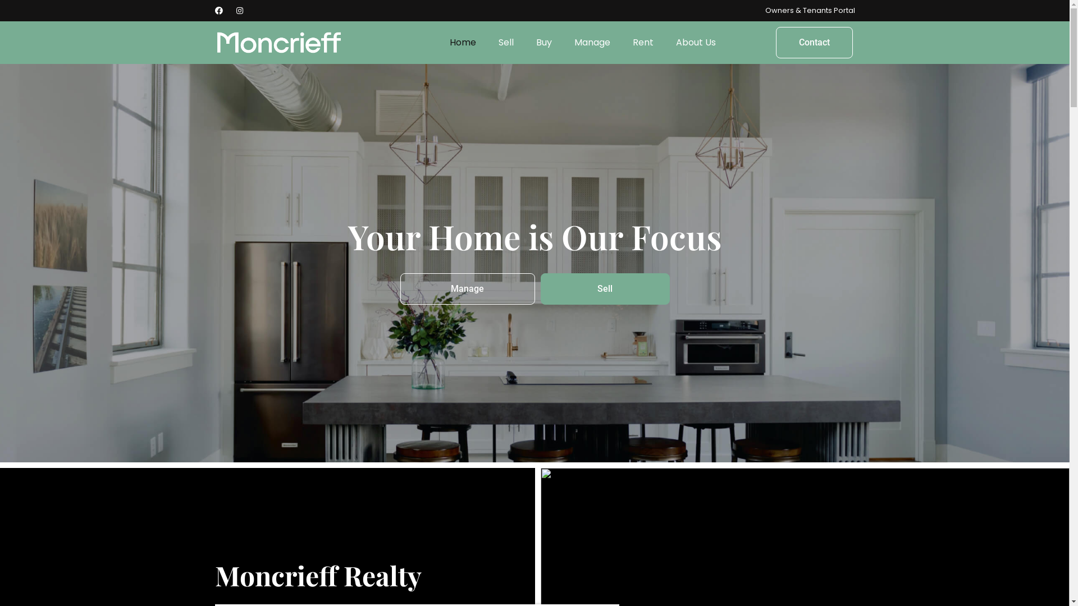 The width and height of the screenshot is (1078, 606). What do you see at coordinates (695, 42) in the screenshot?
I see `'About Us'` at bounding box center [695, 42].